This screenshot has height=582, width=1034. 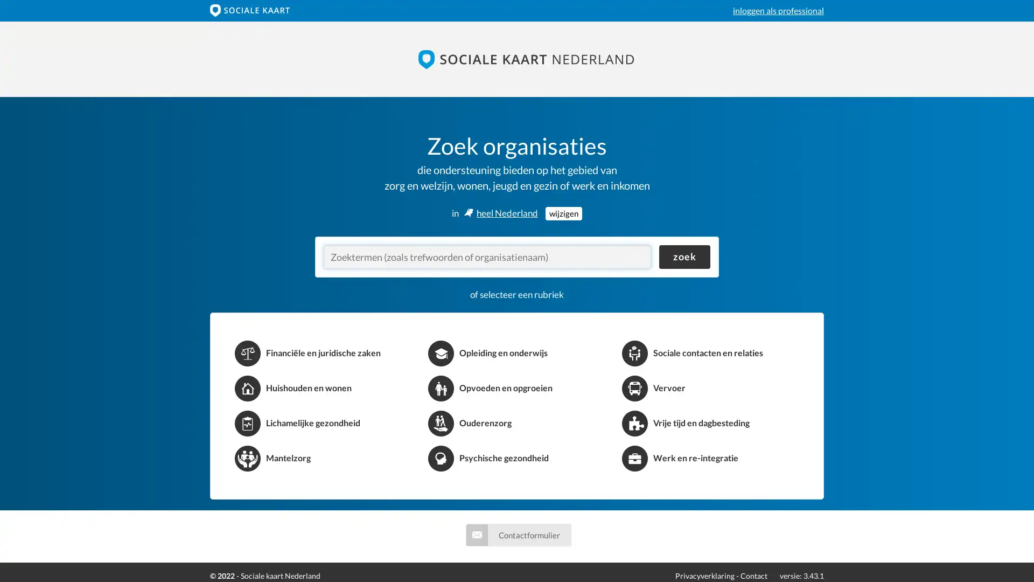 What do you see at coordinates (684, 257) in the screenshot?
I see `zoek` at bounding box center [684, 257].